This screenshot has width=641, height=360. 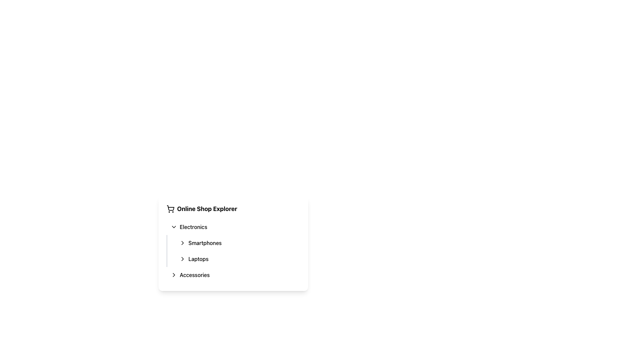 I want to click on the chevron right icon next to the 'Accessories' menu, so click(x=174, y=275).